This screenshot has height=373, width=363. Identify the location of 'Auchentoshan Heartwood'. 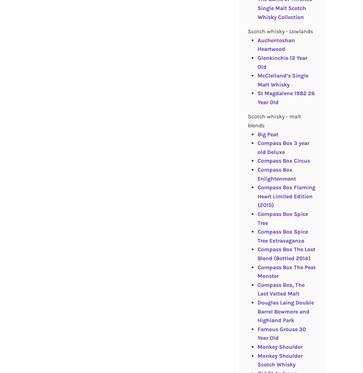
(276, 44).